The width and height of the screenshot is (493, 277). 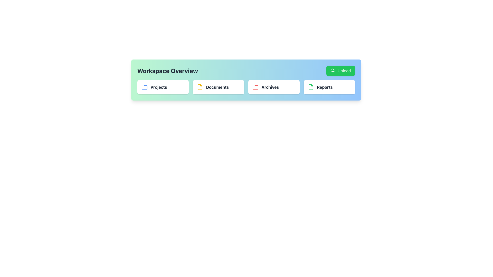 I want to click on the Navigation Bar sections, so click(x=246, y=87).